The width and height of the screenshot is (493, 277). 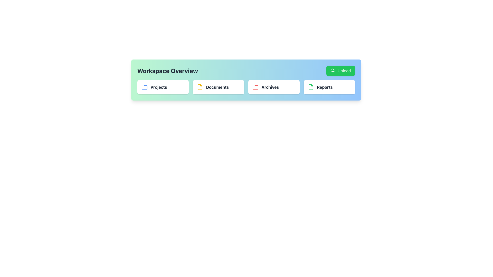 I want to click on the Navigation Bar sections, so click(x=246, y=87).